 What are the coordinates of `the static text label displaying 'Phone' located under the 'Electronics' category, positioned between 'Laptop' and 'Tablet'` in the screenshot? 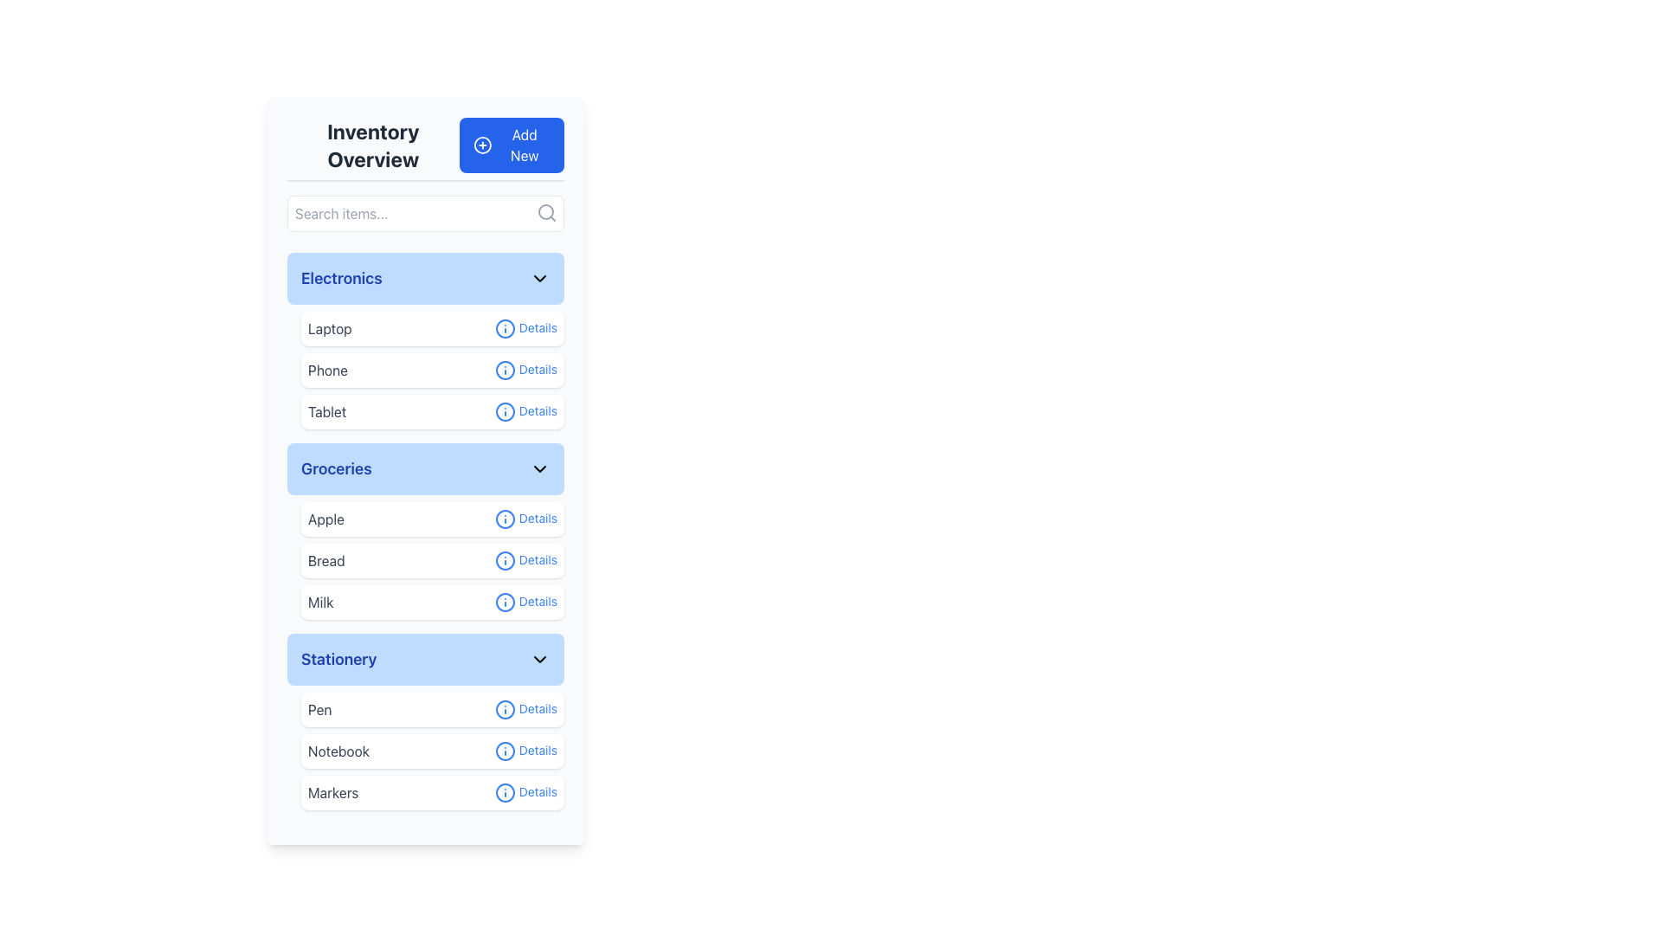 It's located at (328, 370).